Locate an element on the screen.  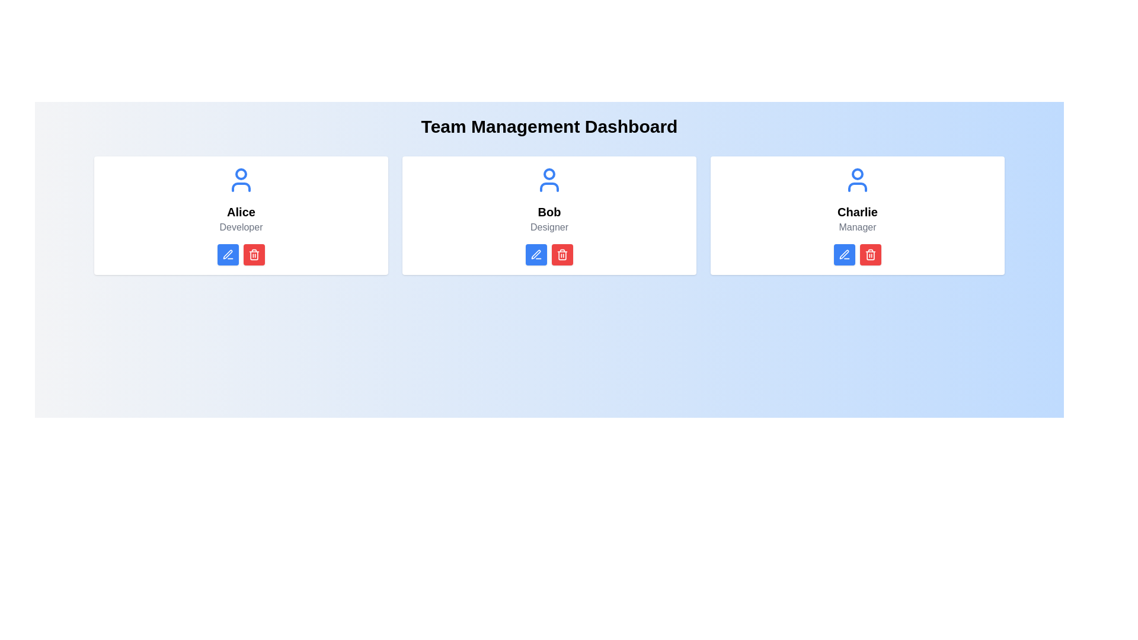
the text label reading 'Manager' which is styled in gray and located below the 'Charlie' text within the card titled 'Charlie' is located at coordinates (857, 228).